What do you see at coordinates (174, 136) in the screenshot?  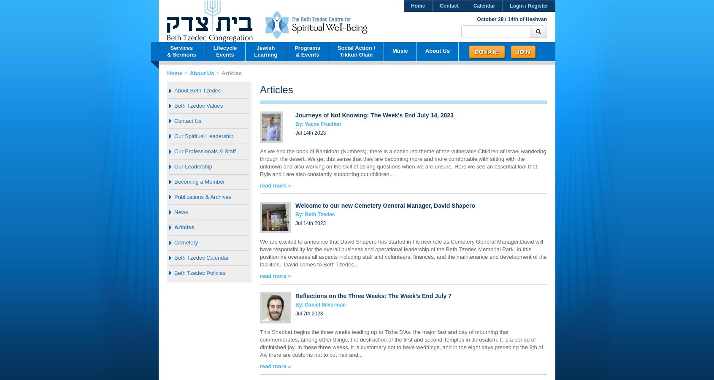 I see `'Our Spiritual Leadership'` at bounding box center [174, 136].